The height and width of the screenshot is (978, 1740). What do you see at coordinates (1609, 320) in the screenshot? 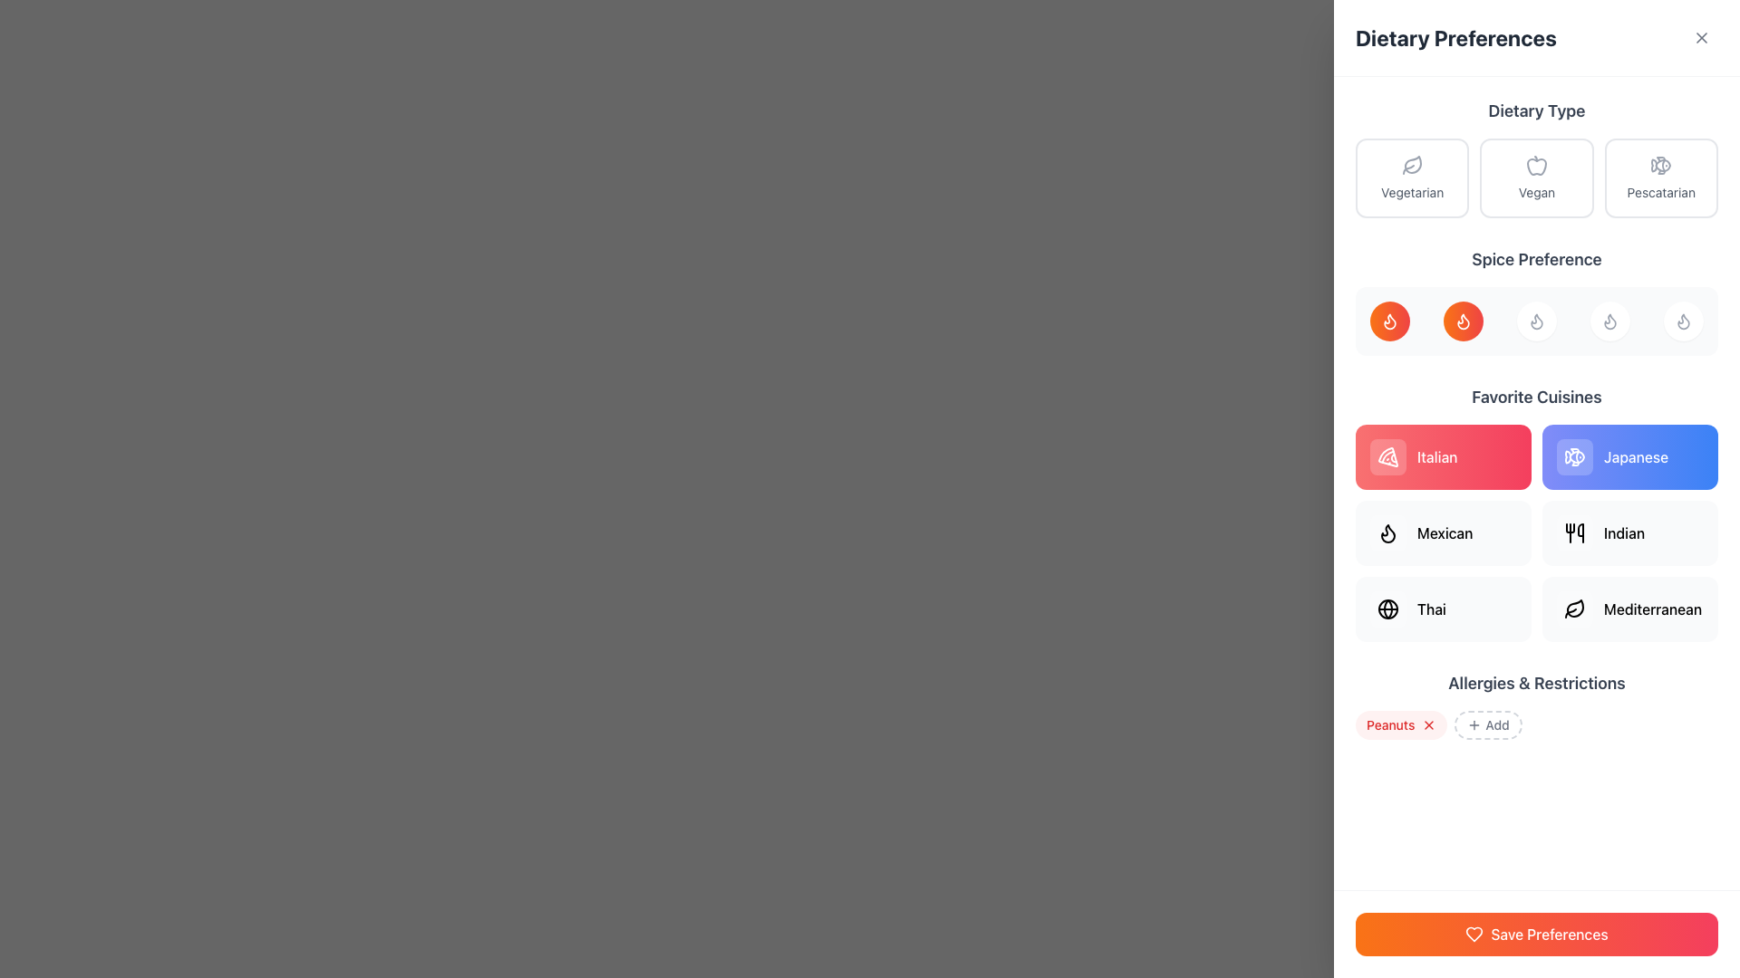
I see `the circular button with a white background and a gray flame icon, which is the fourth button in the 'Spice Preference' section` at bounding box center [1609, 320].